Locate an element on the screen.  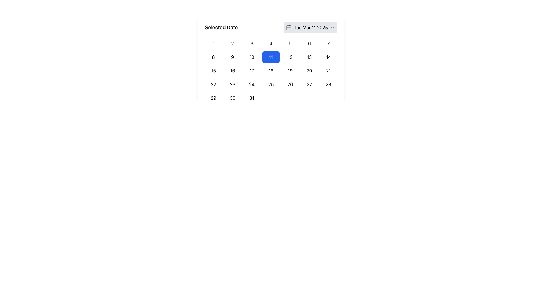
the clickable grid item representing the calendar day with the number '5', which is located in the top row of the grid is located at coordinates (290, 43).